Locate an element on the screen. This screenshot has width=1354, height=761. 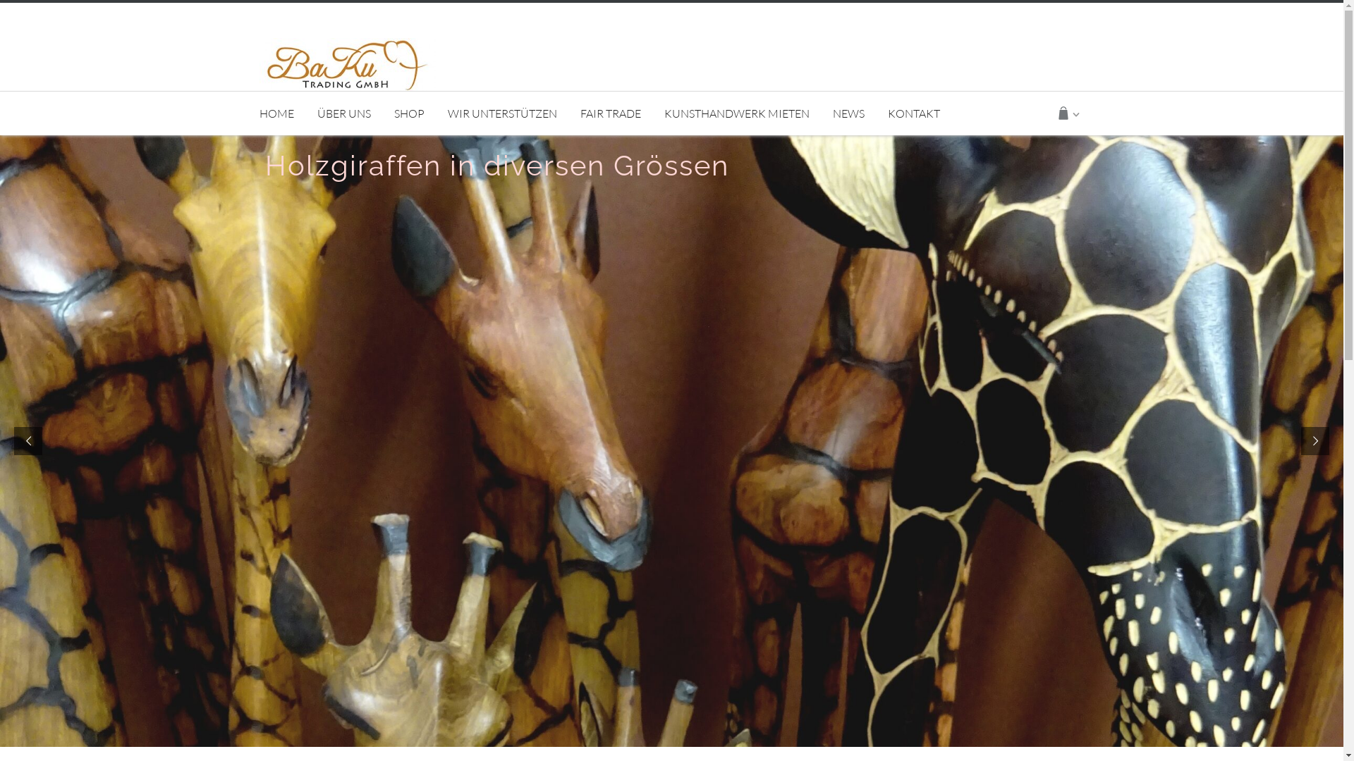
'FAIR TRADE' is located at coordinates (610, 113).